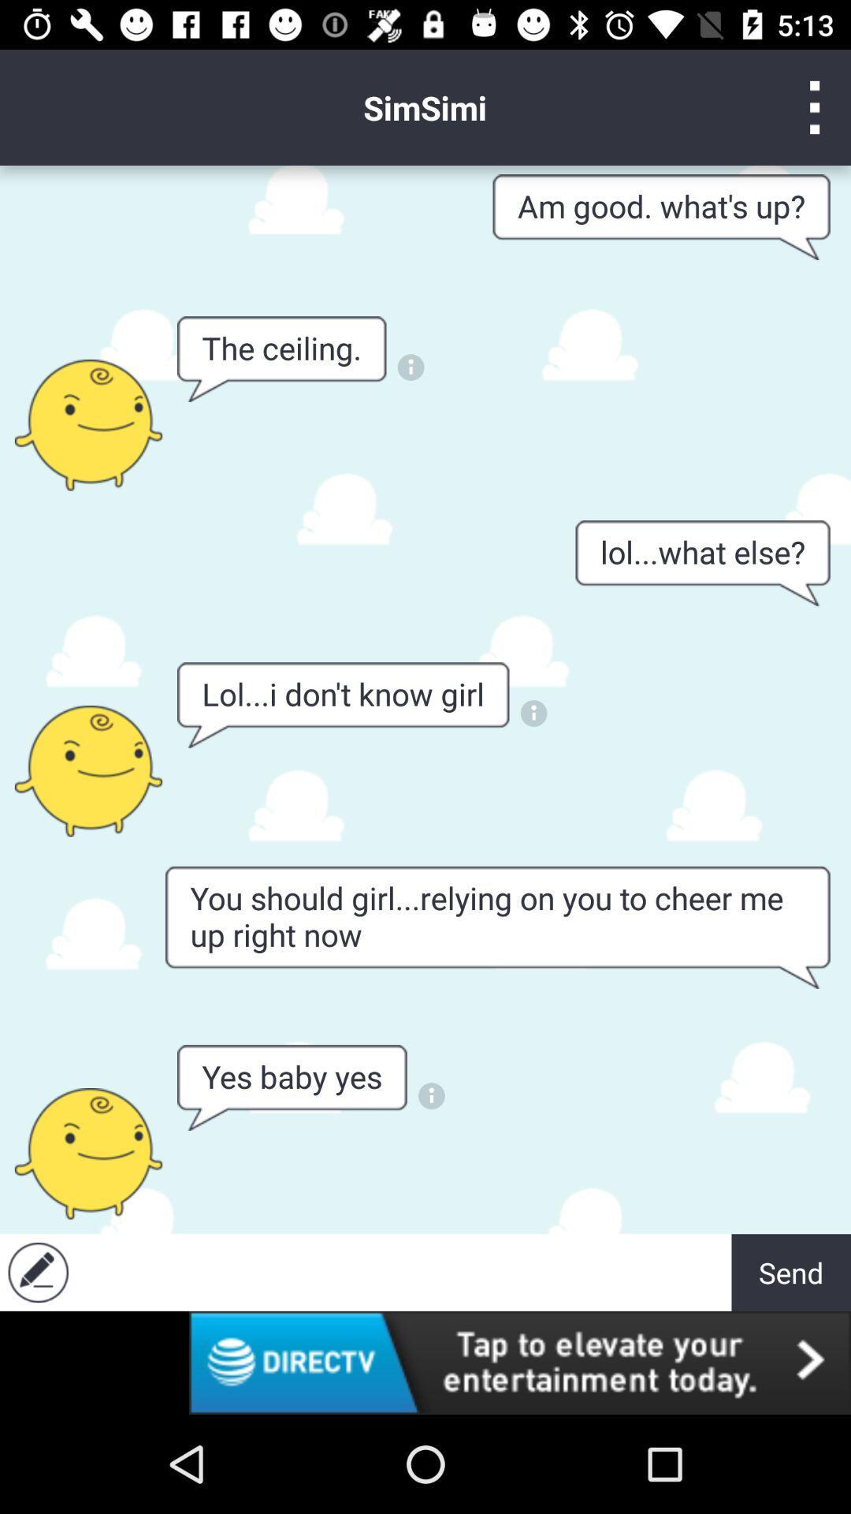 The width and height of the screenshot is (851, 1514). What do you see at coordinates (533, 712) in the screenshot?
I see `the more details` at bounding box center [533, 712].